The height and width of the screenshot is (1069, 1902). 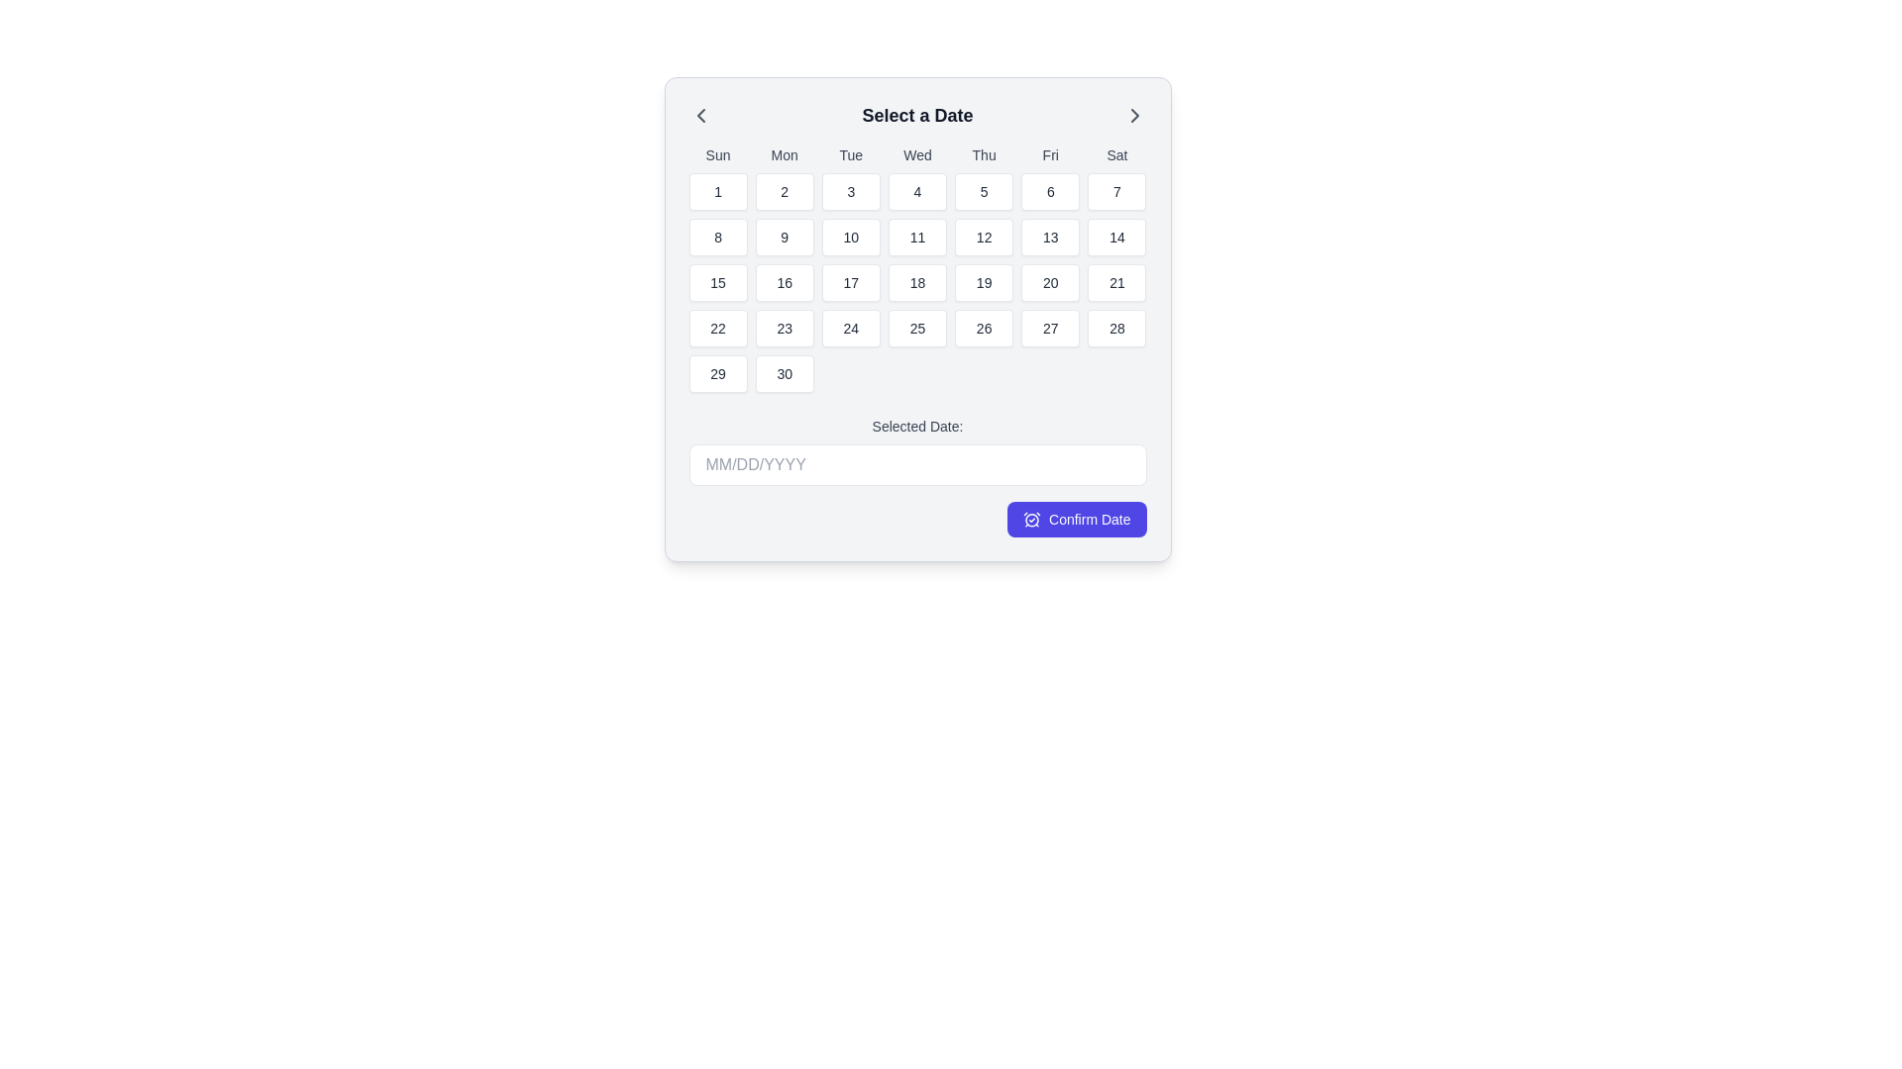 I want to click on the header label for the calendar indicating the first day of the week (Sunday) located in the top-left corner of the grid layout, so click(x=716, y=154).